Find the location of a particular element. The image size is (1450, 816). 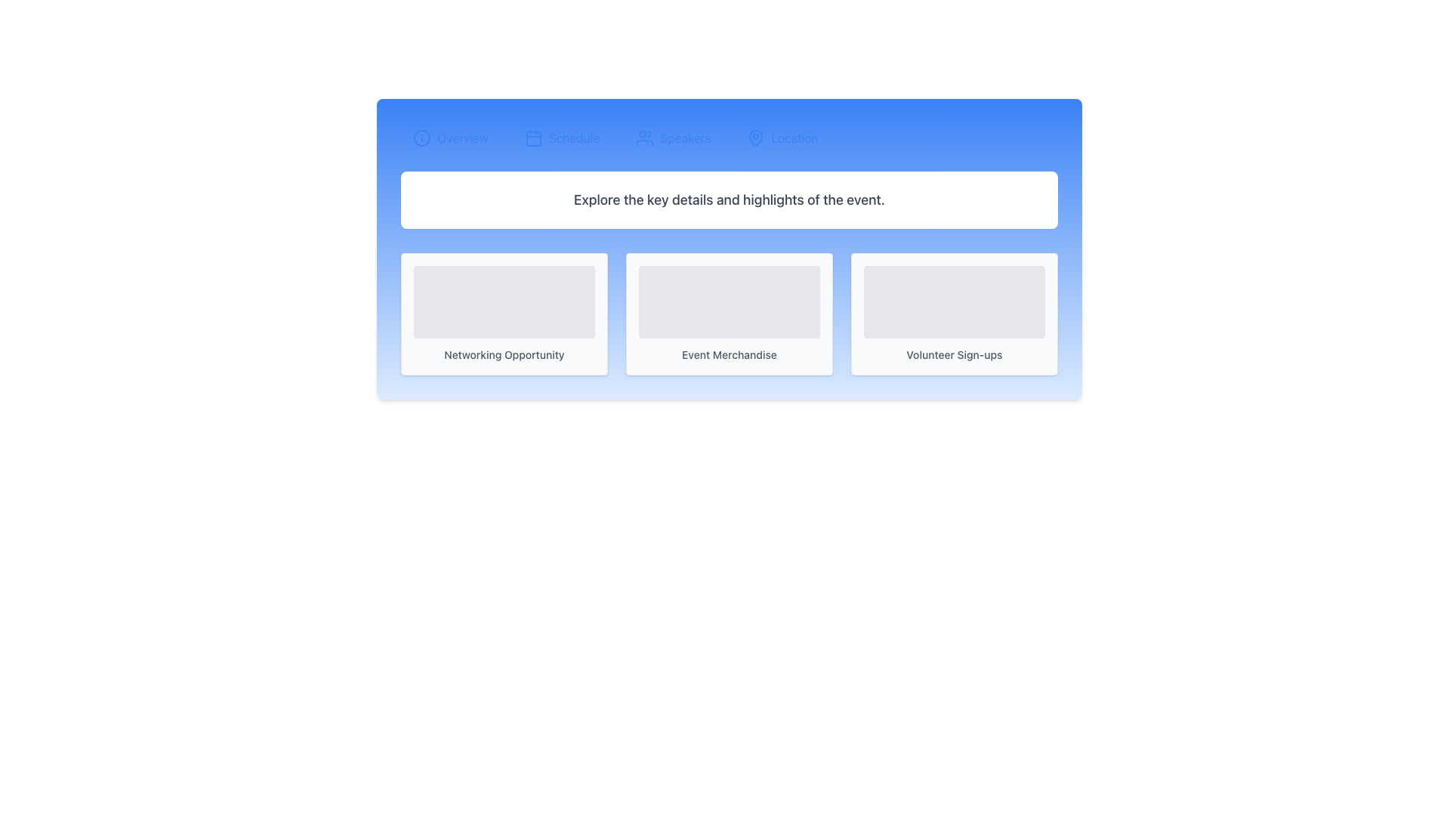

the 'Overview' button in the navigation bar is located at coordinates (449, 138).